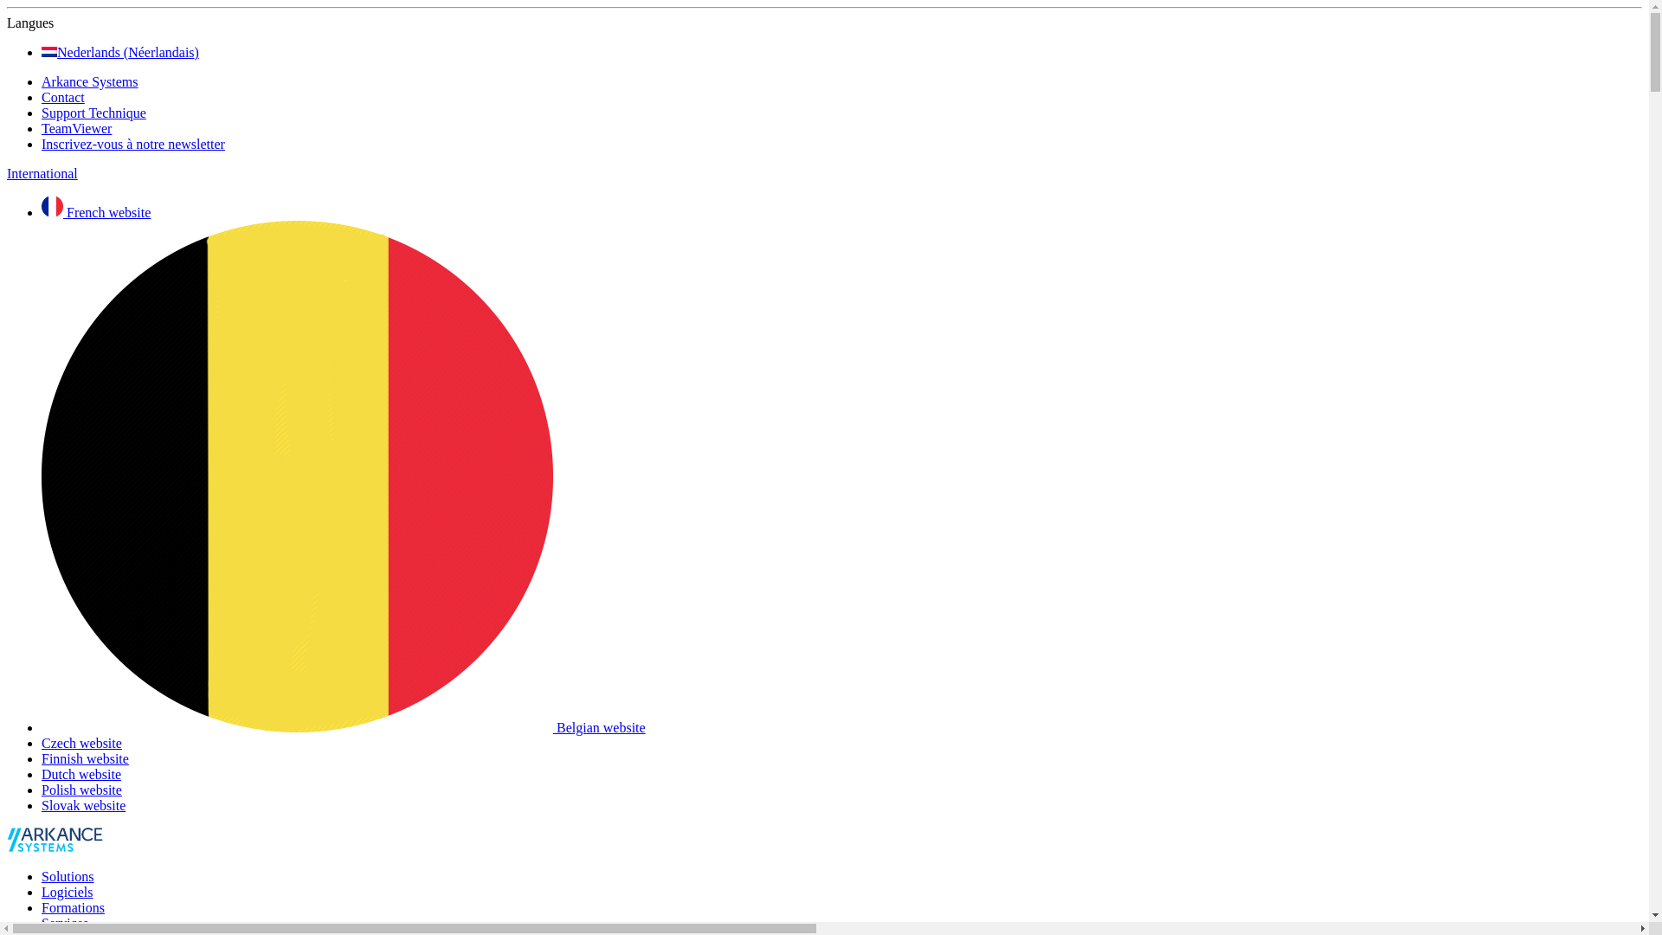  Describe the element at coordinates (67, 876) in the screenshot. I see `'Solutions'` at that location.